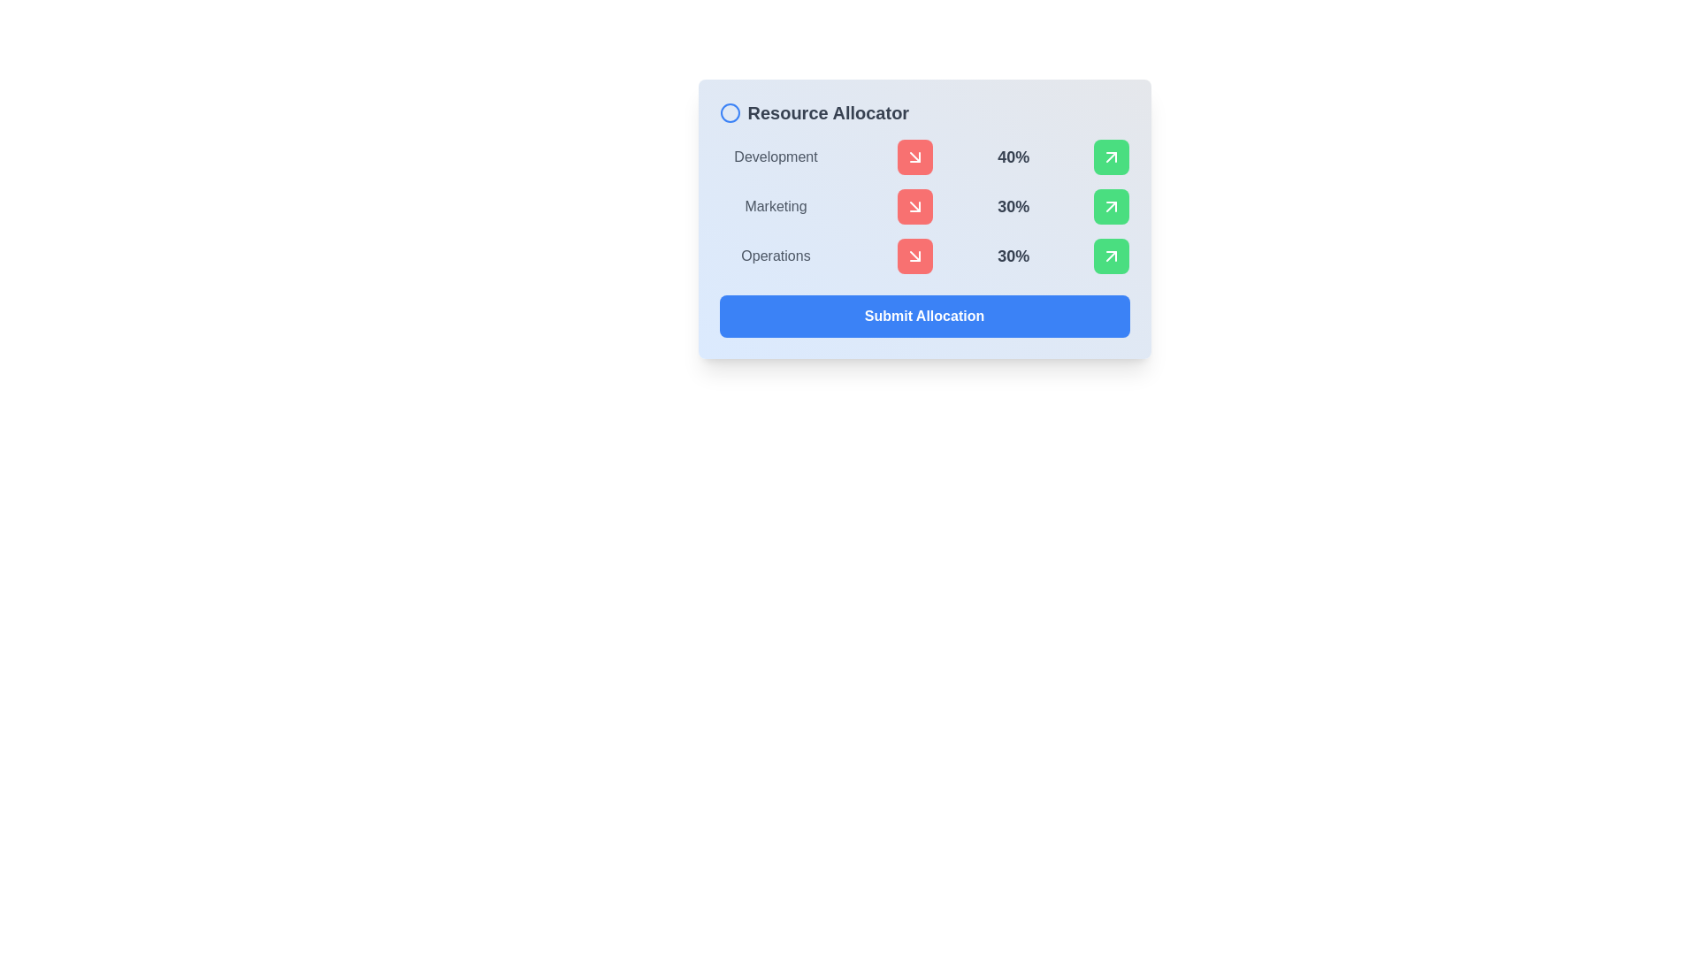 This screenshot has width=1698, height=955. Describe the element at coordinates (1111, 256) in the screenshot. I see `the green circular Icon button with a white arrow pointing up and to the right, located in the bottom-right corner of the resource allocation panel, next to the '30%' value in the 'Operations' row` at that location.